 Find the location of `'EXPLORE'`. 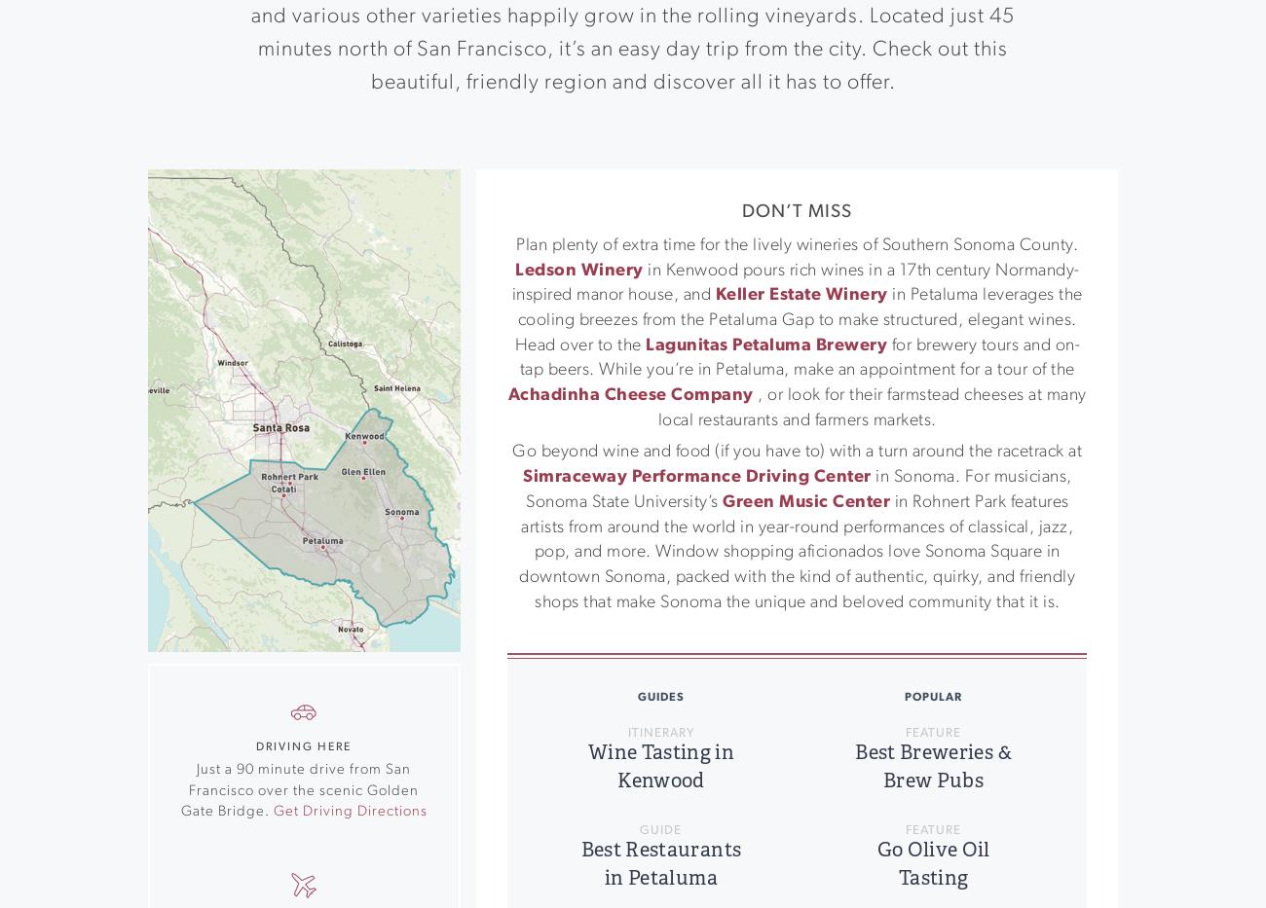

'EXPLORE' is located at coordinates (354, 772).